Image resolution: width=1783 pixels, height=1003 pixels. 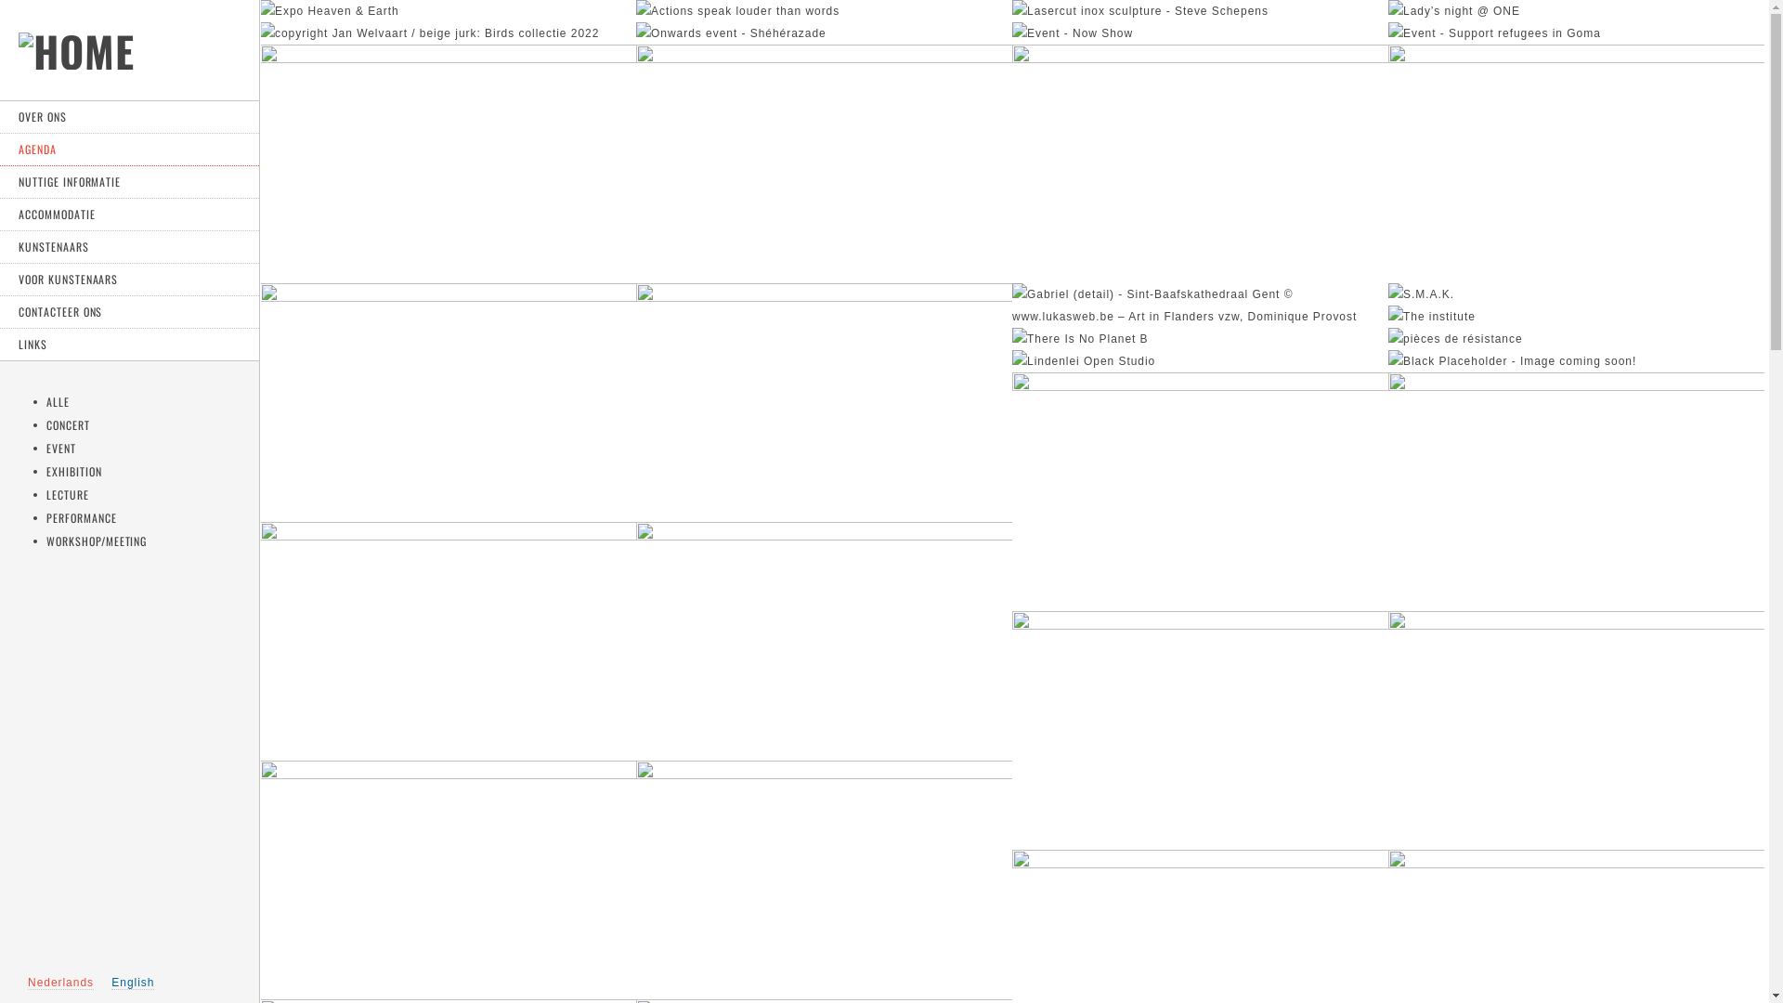 What do you see at coordinates (80, 517) in the screenshot?
I see `'PERFORMANCE'` at bounding box center [80, 517].